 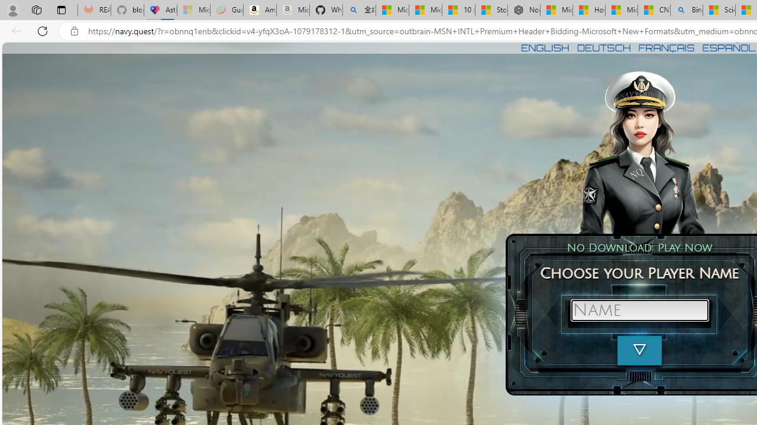 I want to click on 'How I Got Rid of Microsoft Edge', so click(x=588, y=10).